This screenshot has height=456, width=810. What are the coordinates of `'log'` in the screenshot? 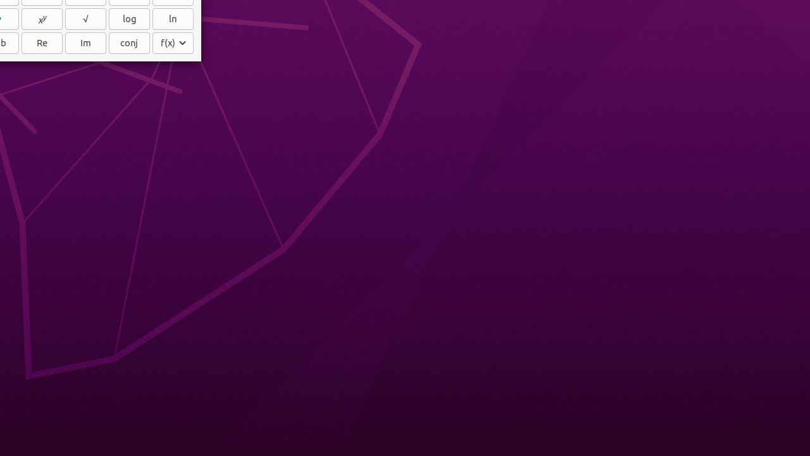 It's located at (129, 19).